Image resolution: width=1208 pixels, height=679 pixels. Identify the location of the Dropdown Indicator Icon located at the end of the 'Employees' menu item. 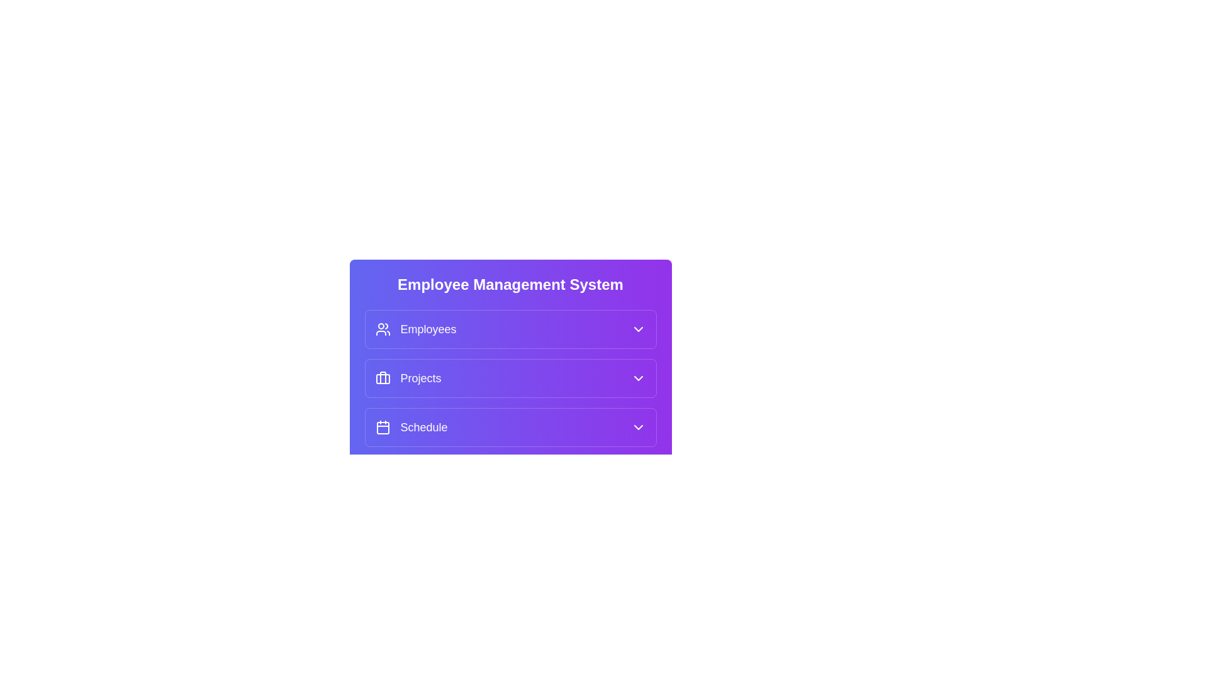
(638, 329).